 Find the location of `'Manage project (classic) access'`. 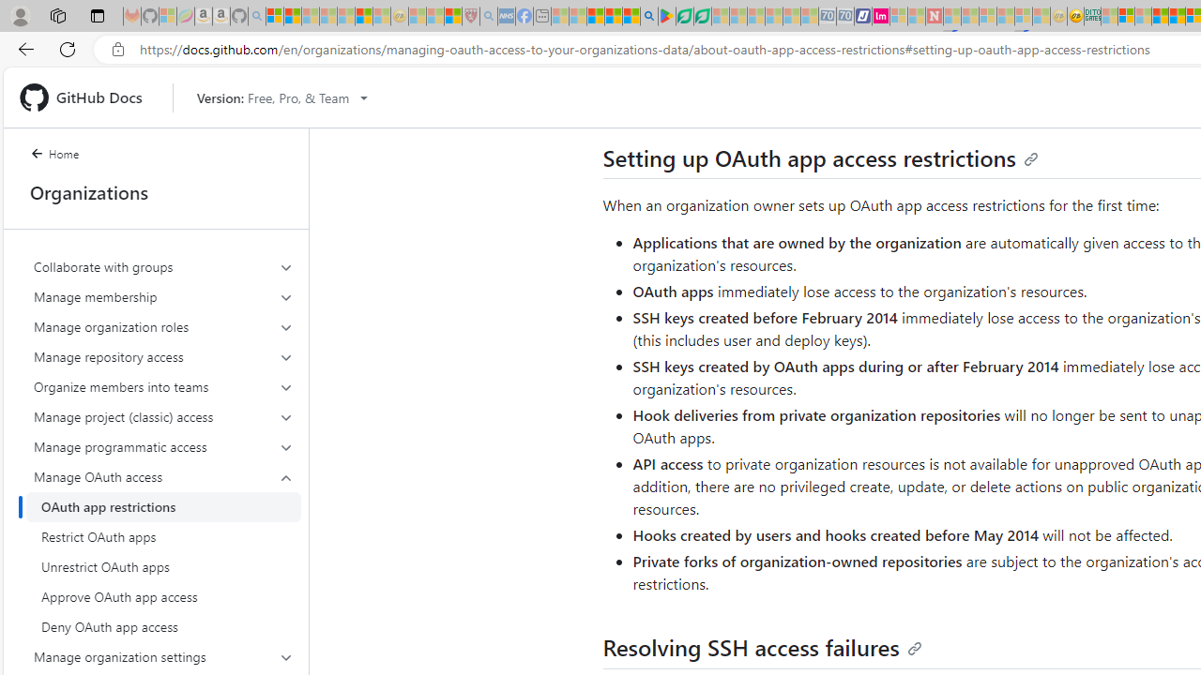

'Manage project (classic) access' is located at coordinates (163, 415).